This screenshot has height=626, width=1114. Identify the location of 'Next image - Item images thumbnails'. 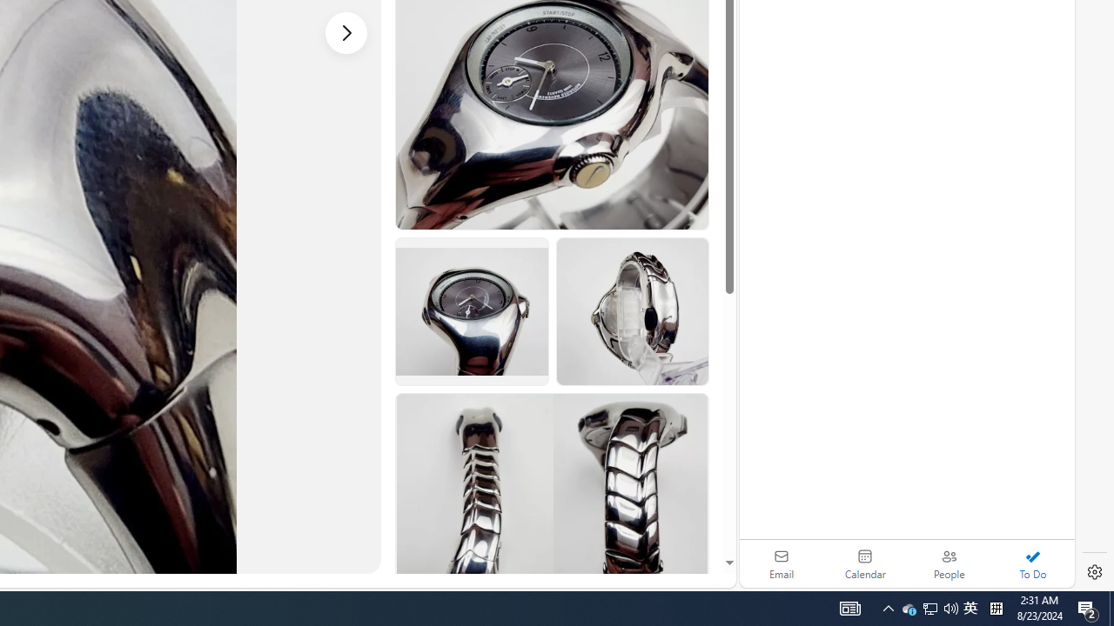
(346, 32).